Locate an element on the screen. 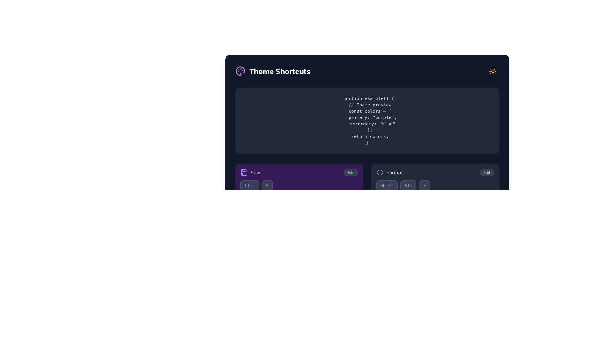 The width and height of the screenshot is (609, 342). the button-like label with a dark gray background and purple 'S' text is located at coordinates (267, 185).